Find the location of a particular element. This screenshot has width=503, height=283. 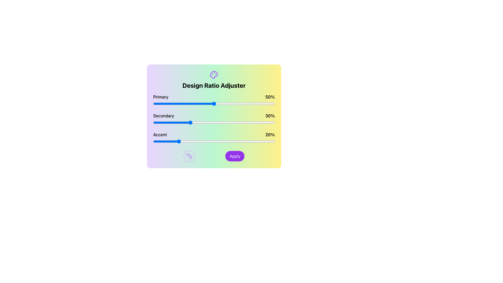

the slider is located at coordinates (160, 122).